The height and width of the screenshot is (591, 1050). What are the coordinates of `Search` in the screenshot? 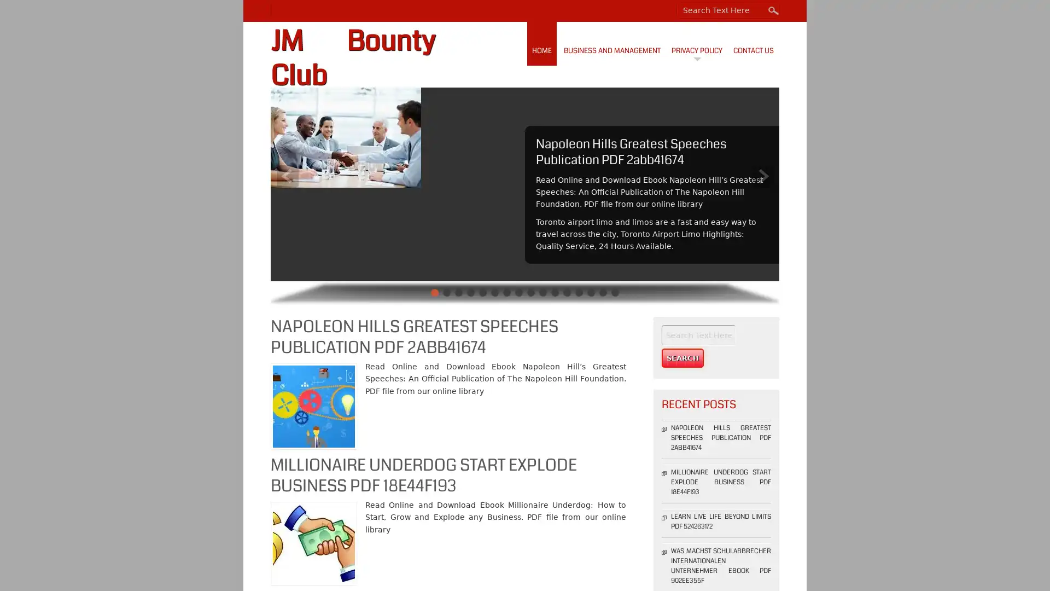 It's located at (682, 358).